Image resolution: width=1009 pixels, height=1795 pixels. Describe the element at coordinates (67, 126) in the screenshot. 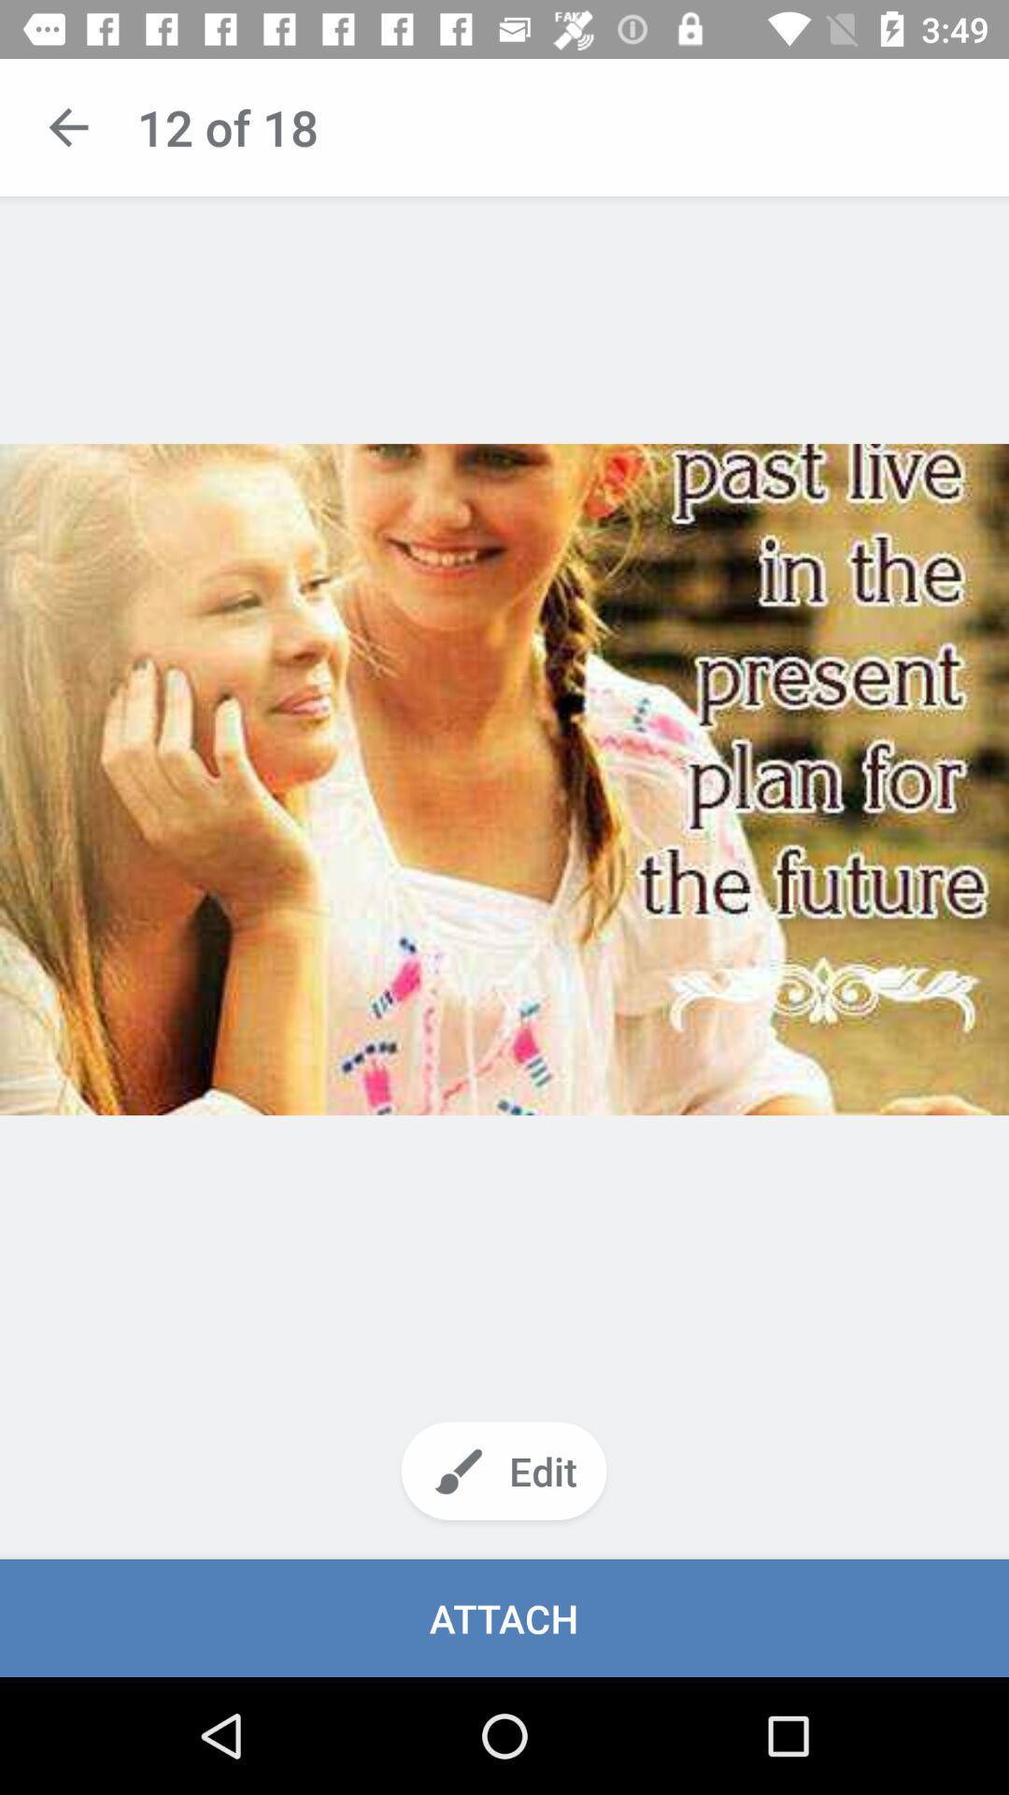

I see `icon at the top left corner` at that location.